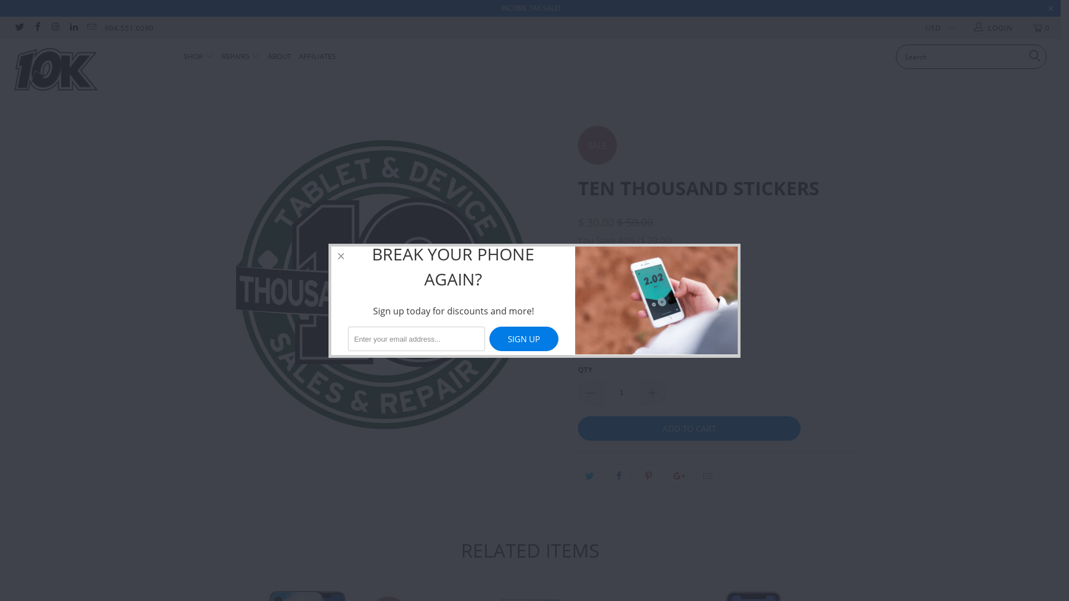 Image resolution: width=1069 pixels, height=601 pixels. What do you see at coordinates (91, 27) in the screenshot?
I see `'Email 10,000 Cellphones, Repairs, Tablets and Batteries'` at bounding box center [91, 27].